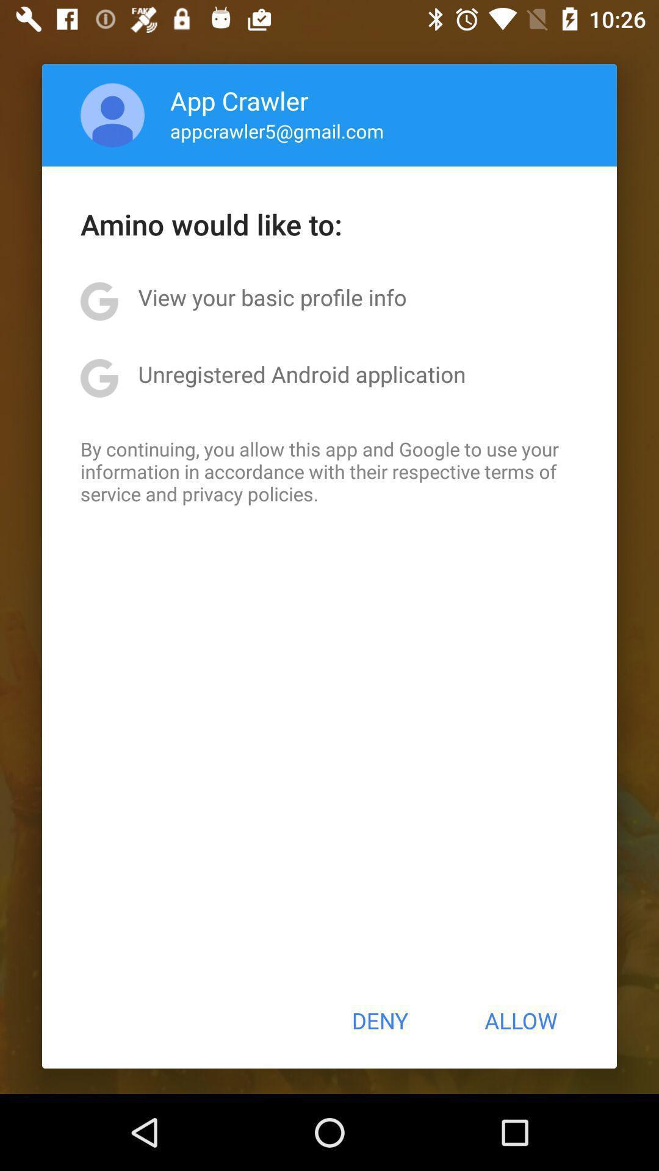  What do you see at coordinates (301, 373) in the screenshot?
I see `the unregistered android application icon` at bounding box center [301, 373].